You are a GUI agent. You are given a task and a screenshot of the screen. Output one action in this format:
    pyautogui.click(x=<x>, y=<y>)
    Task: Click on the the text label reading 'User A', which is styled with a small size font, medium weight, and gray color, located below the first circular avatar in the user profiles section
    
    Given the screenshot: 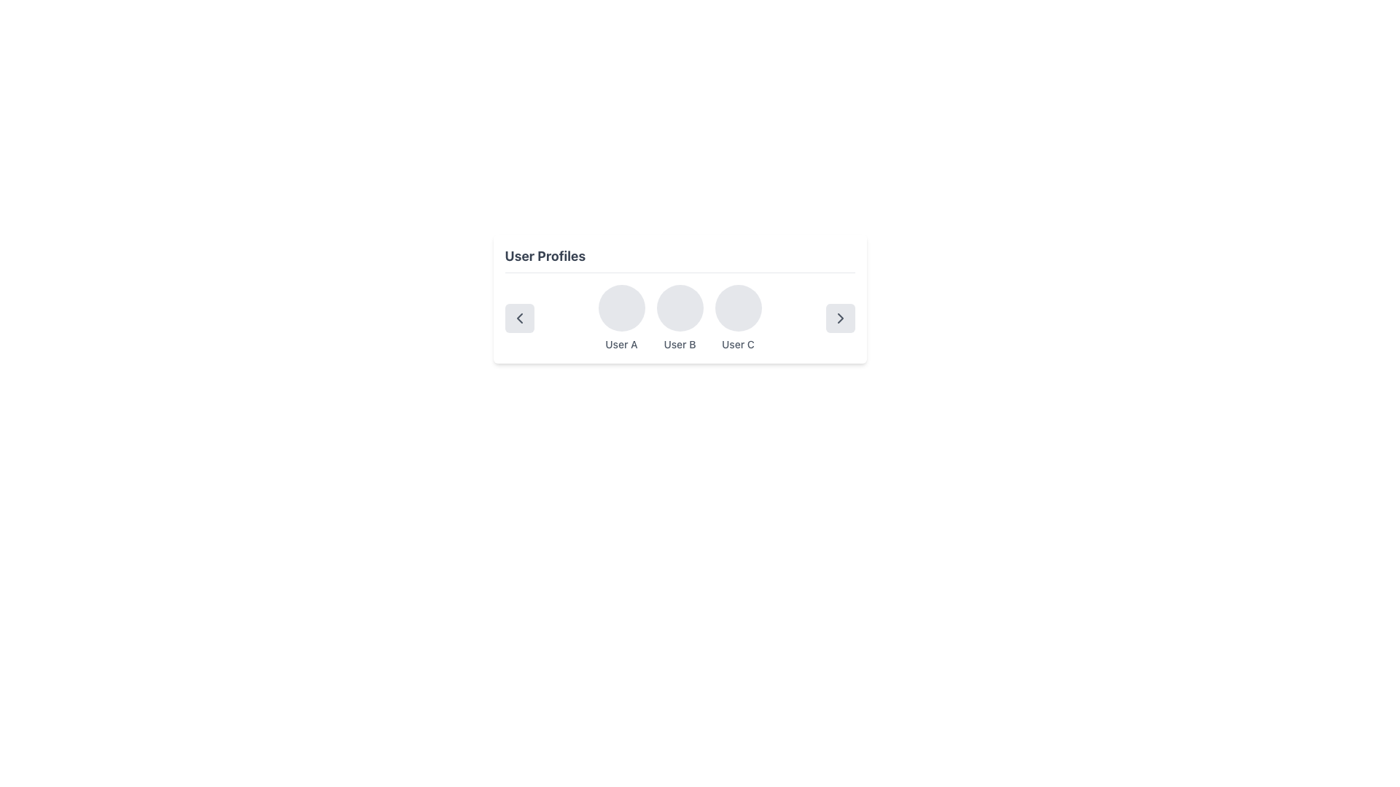 What is the action you would take?
    pyautogui.click(x=621, y=345)
    